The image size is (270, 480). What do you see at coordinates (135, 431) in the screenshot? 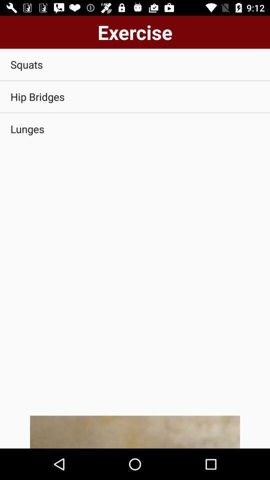
I see `item below lunges` at bounding box center [135, 431].